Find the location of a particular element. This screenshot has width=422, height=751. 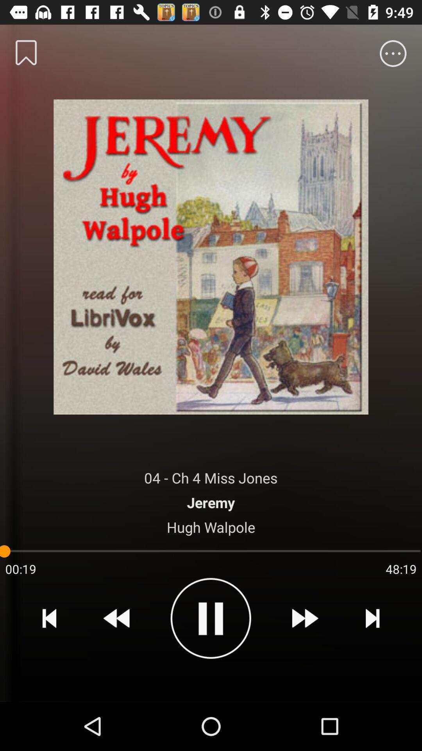

icon below the jeremy item is located at coordinates (211, 527).